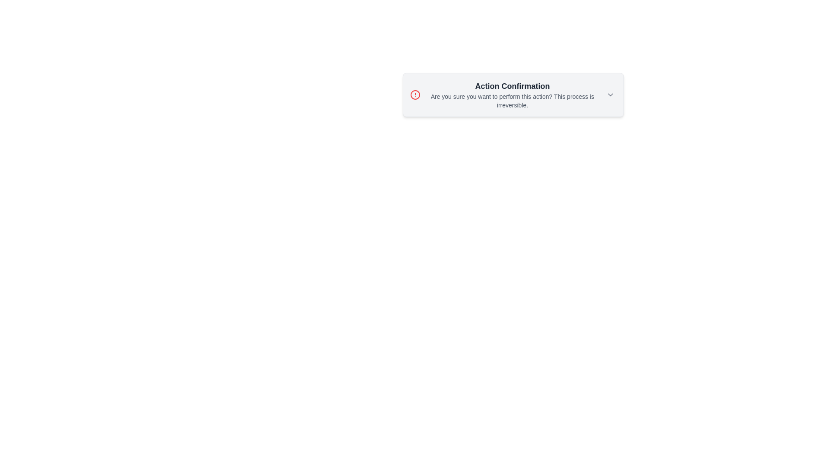 The height and width of the screenshot is (466, 829). I want to click on the chevron icon located on the right-most side of the 'Action Confirmation' dialog box, so click(610, 94).